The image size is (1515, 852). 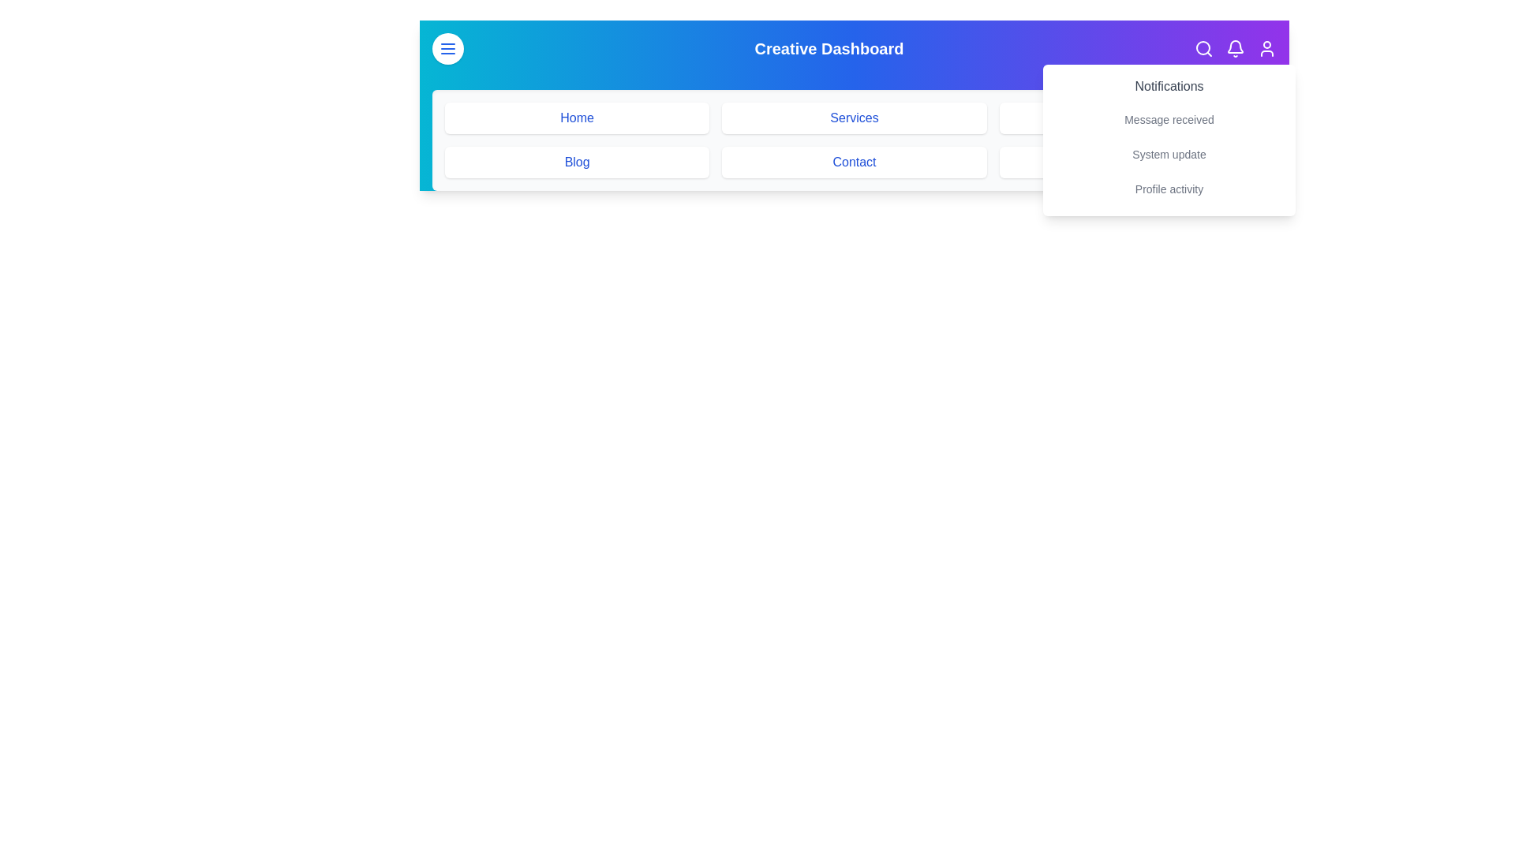 What do you see at coordinates (1234, 47) in the screenshot?
I see `the bell icon to toggle the notifications panel` at bounding box center [1234, 47].